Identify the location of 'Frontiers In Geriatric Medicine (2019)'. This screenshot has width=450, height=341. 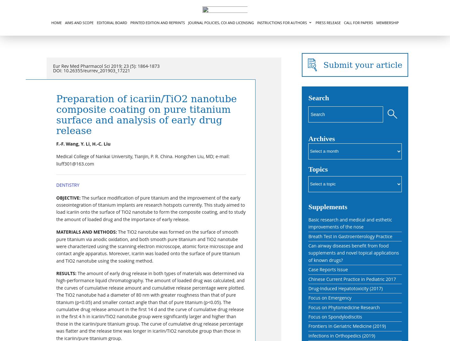
(347, 326).